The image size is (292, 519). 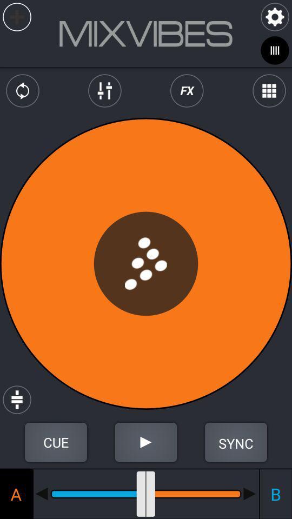 I want to click on volume controls, so click(x=104, y=90).